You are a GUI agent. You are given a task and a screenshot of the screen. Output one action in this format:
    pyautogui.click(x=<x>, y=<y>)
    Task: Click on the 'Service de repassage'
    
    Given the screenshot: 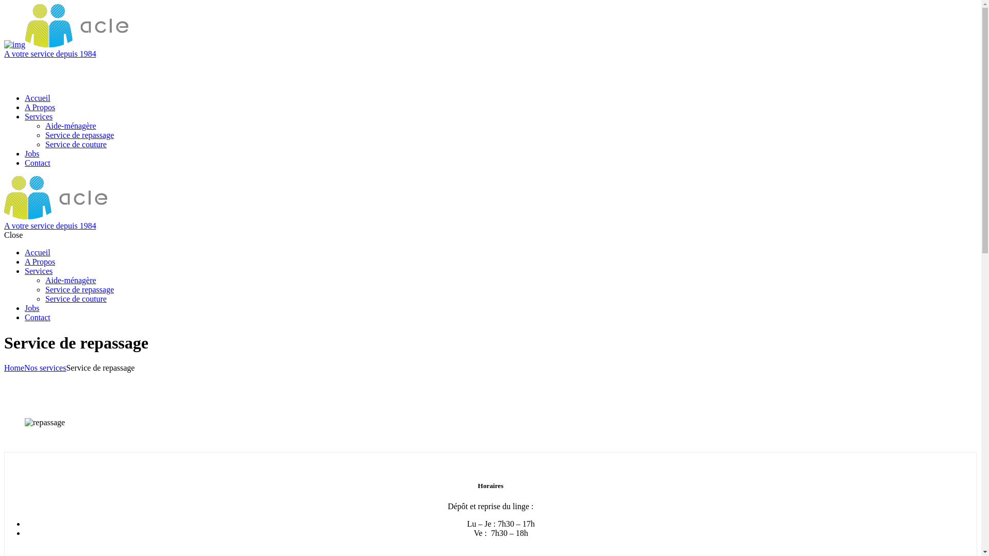 What is the action you would take?
    pyautogui.click(x=44, y=289)
    